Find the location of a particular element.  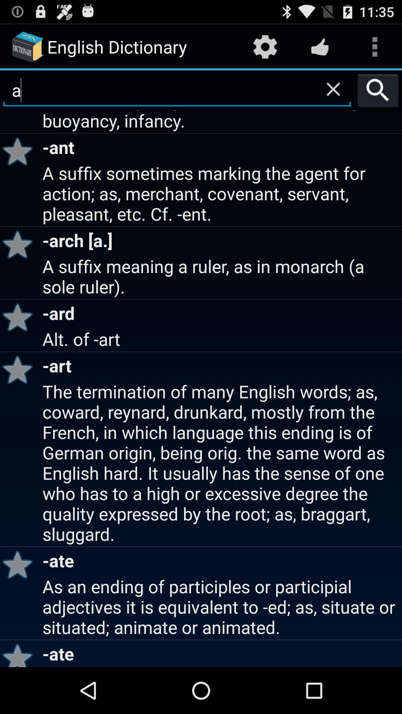

item to the left of the a suffix meaning app is located at coordinates (20, 317).